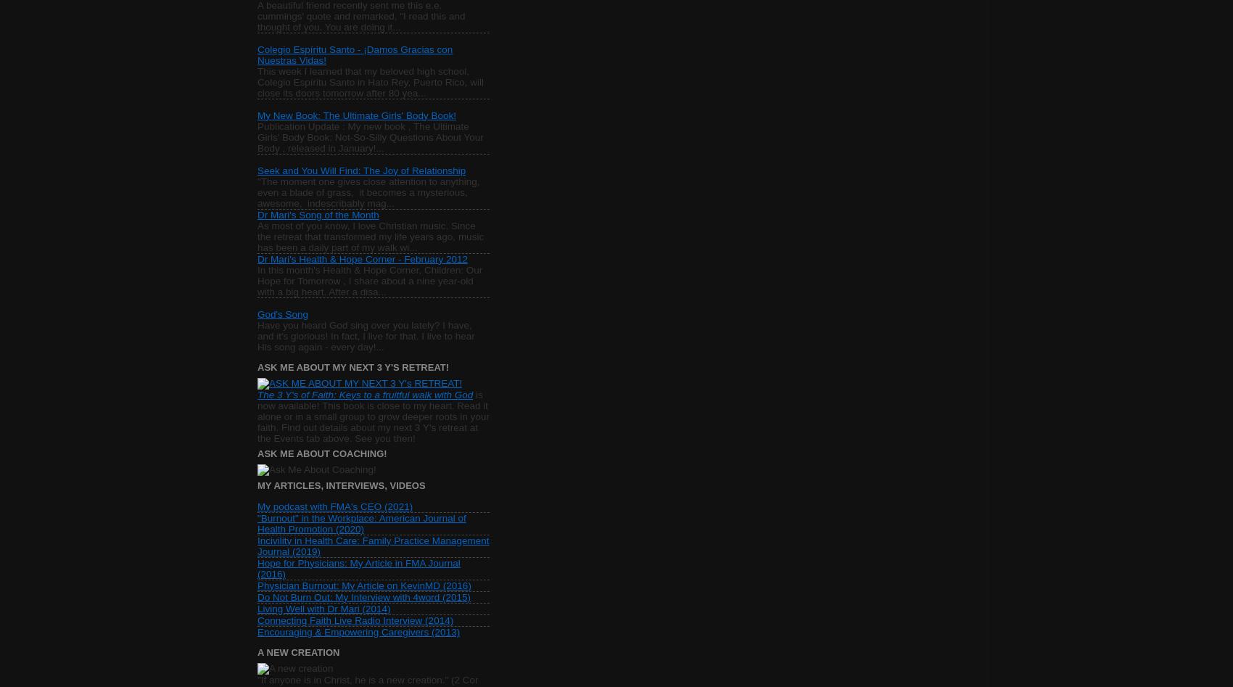 Image resolution: width=1233 pixels, height=687 pixels. I want to click on 'Seek and You Will Find: The Joy of Relationship', so click(256, 170).